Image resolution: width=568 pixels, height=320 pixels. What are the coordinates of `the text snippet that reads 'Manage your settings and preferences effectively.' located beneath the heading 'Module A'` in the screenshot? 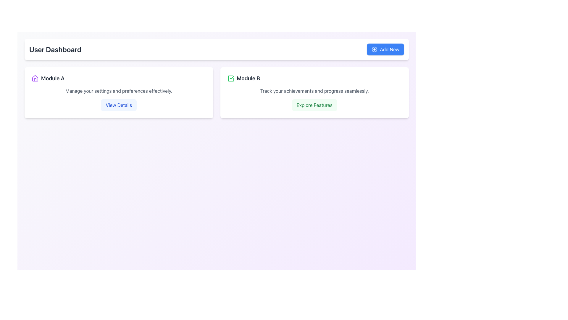 It's located at (118, 91).